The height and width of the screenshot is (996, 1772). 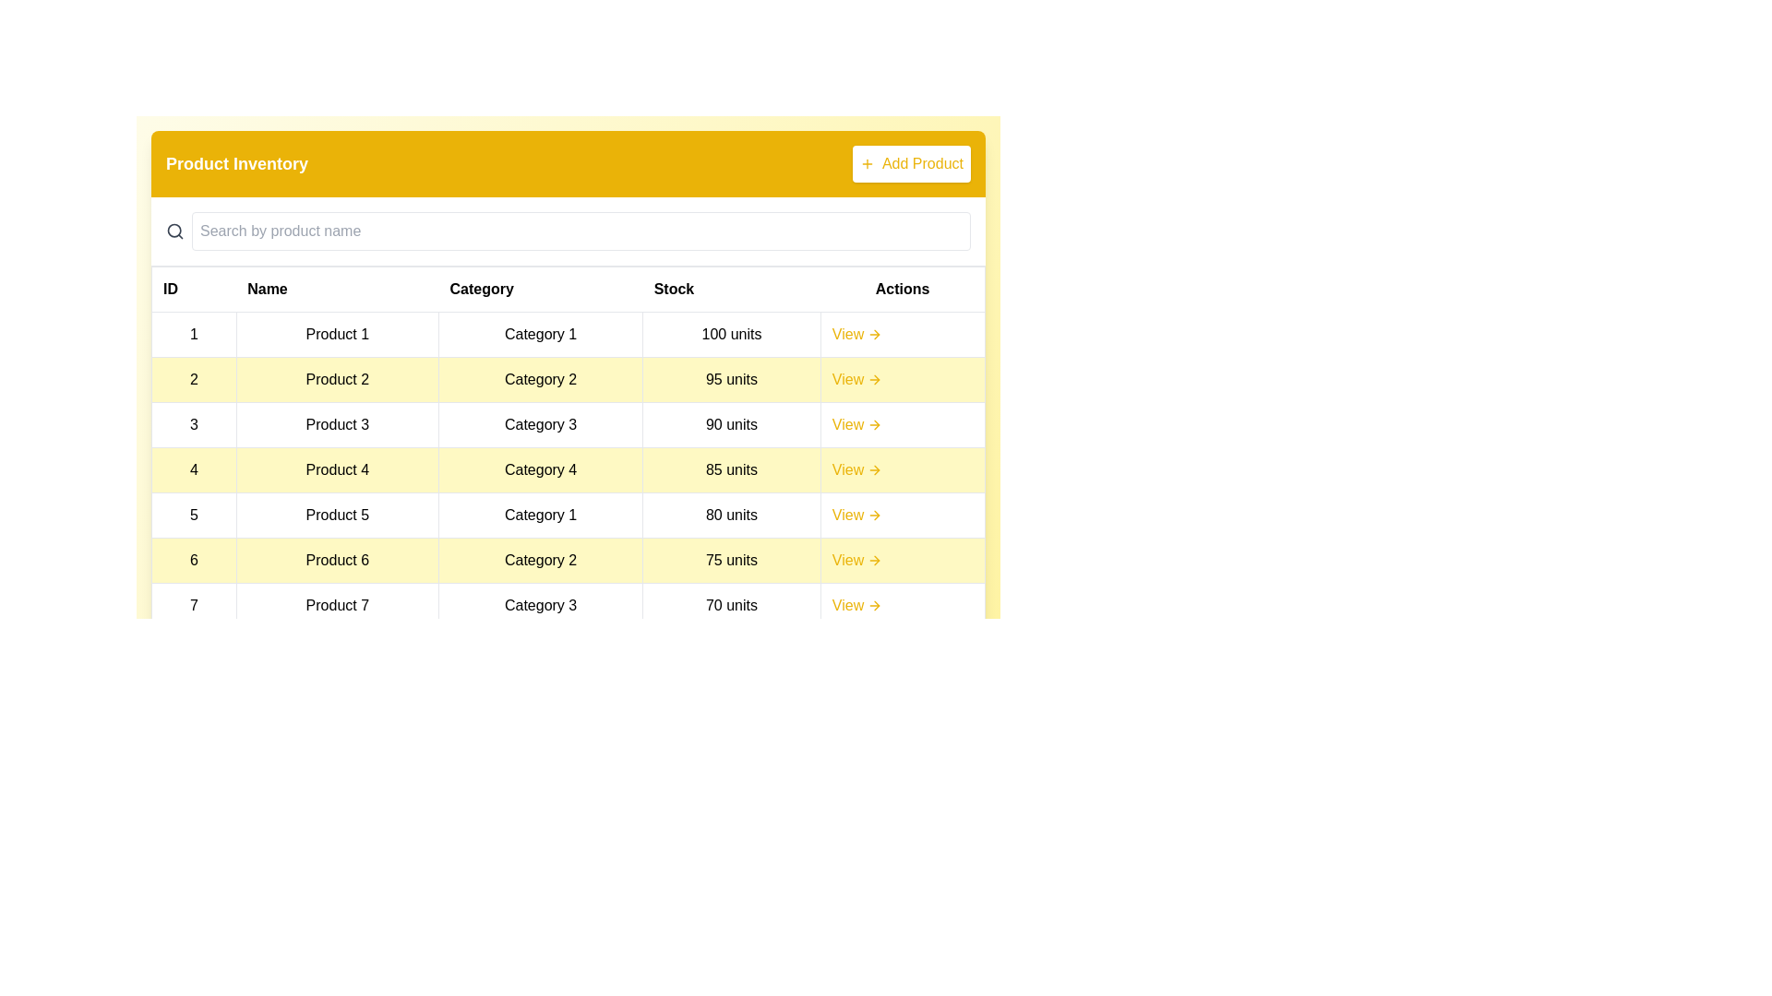 I want to click on the title 'Product Inventory', so click(x=236, y=162).